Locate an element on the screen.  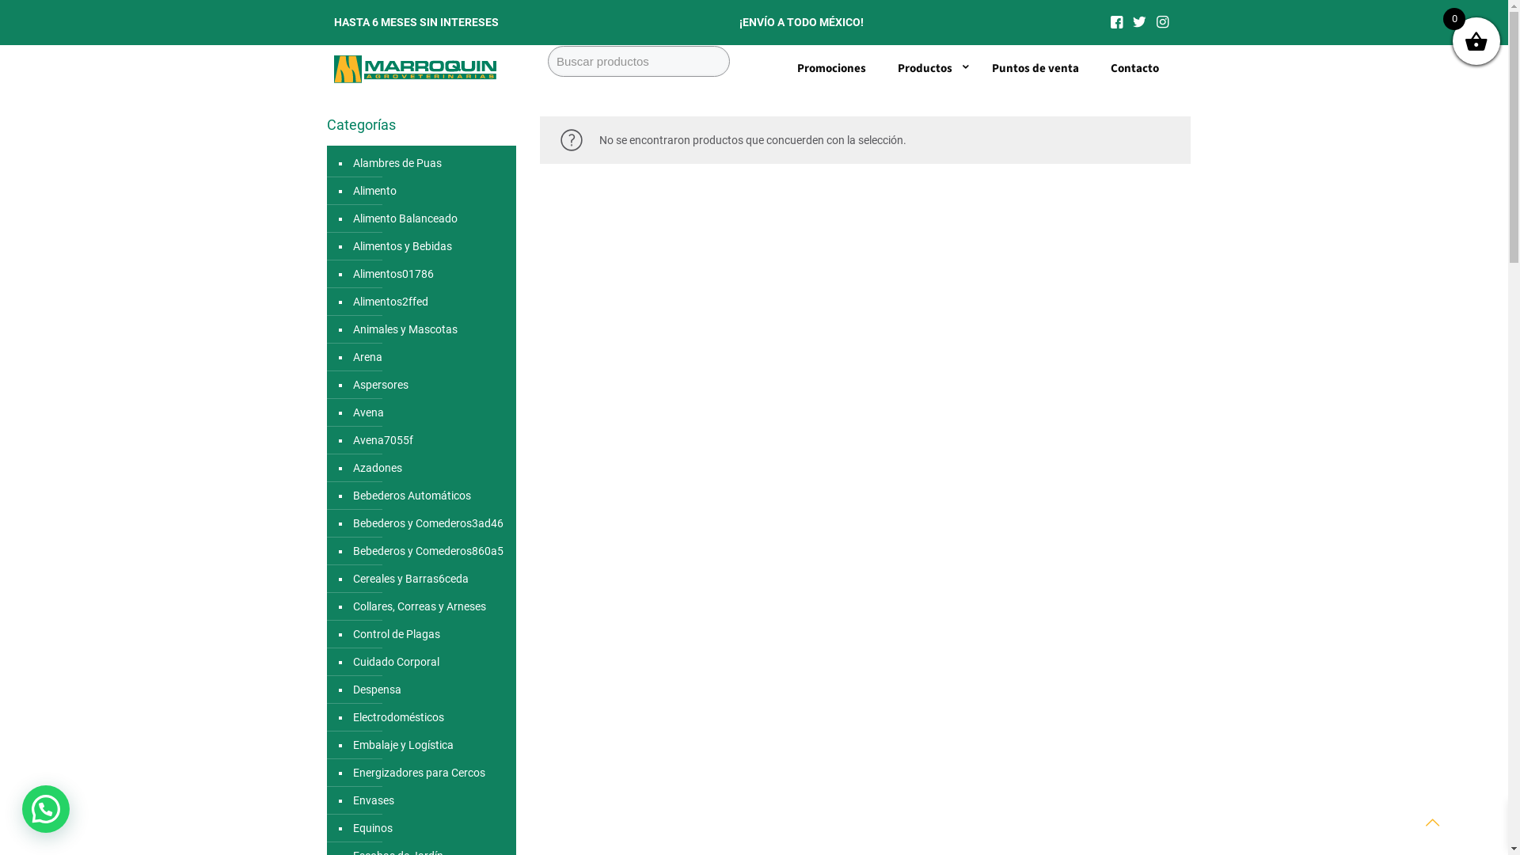
'Despensa' is located at coordinates (348, 689).